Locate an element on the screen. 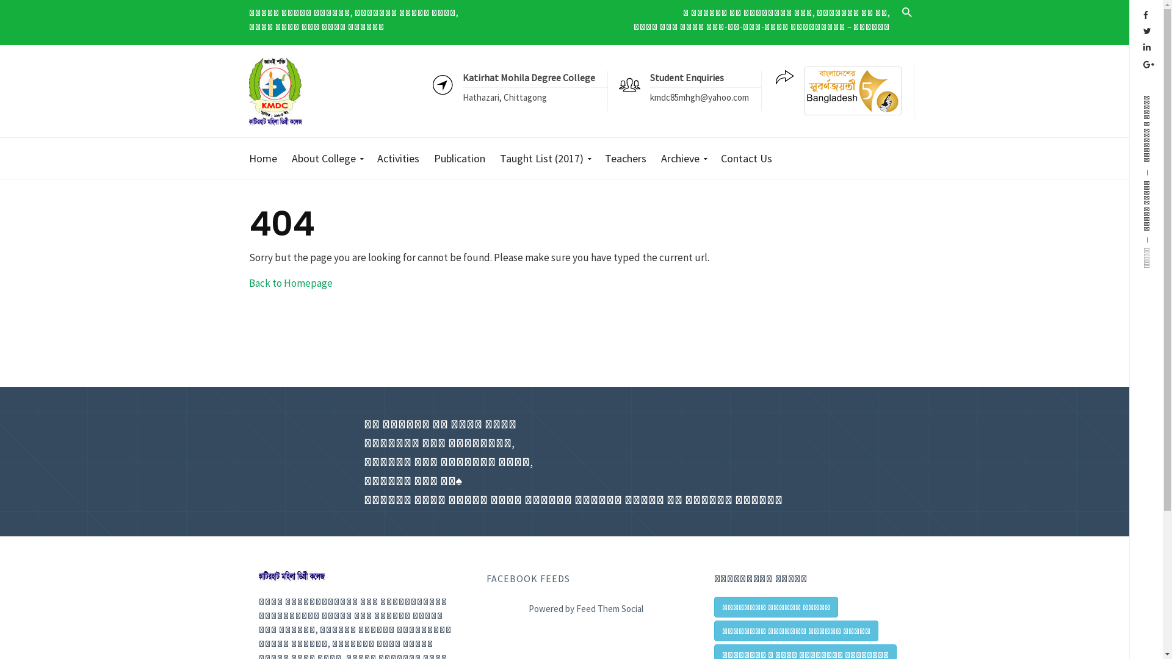 Image resolution: width=1172 pixels, height=659 pixels. 'Archieve' is located at coordinates (653, 157).